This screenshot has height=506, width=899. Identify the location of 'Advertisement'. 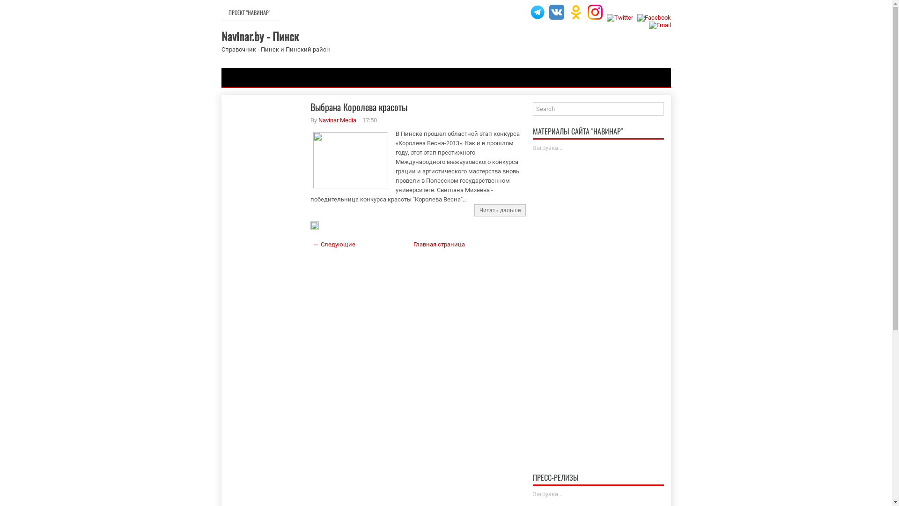
(265, 249).